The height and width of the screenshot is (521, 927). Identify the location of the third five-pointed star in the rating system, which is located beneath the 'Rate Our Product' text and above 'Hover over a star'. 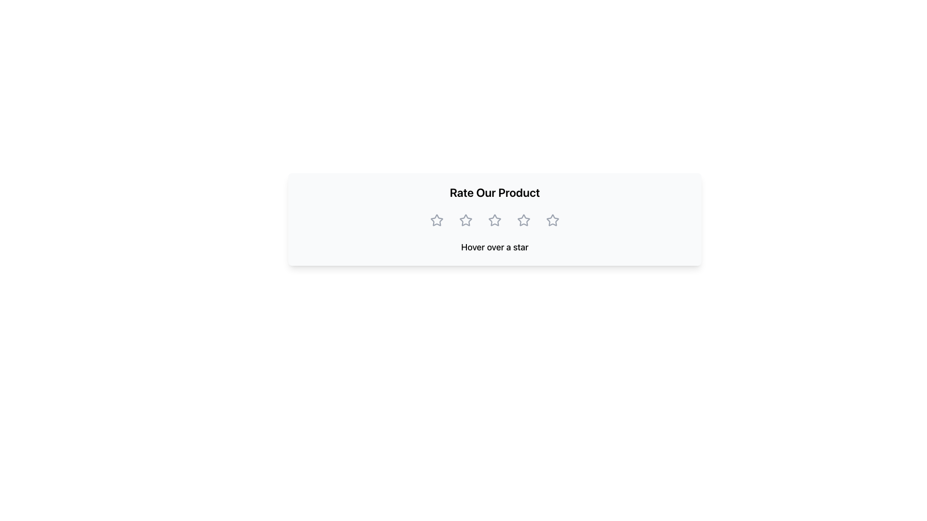
(523, 220).